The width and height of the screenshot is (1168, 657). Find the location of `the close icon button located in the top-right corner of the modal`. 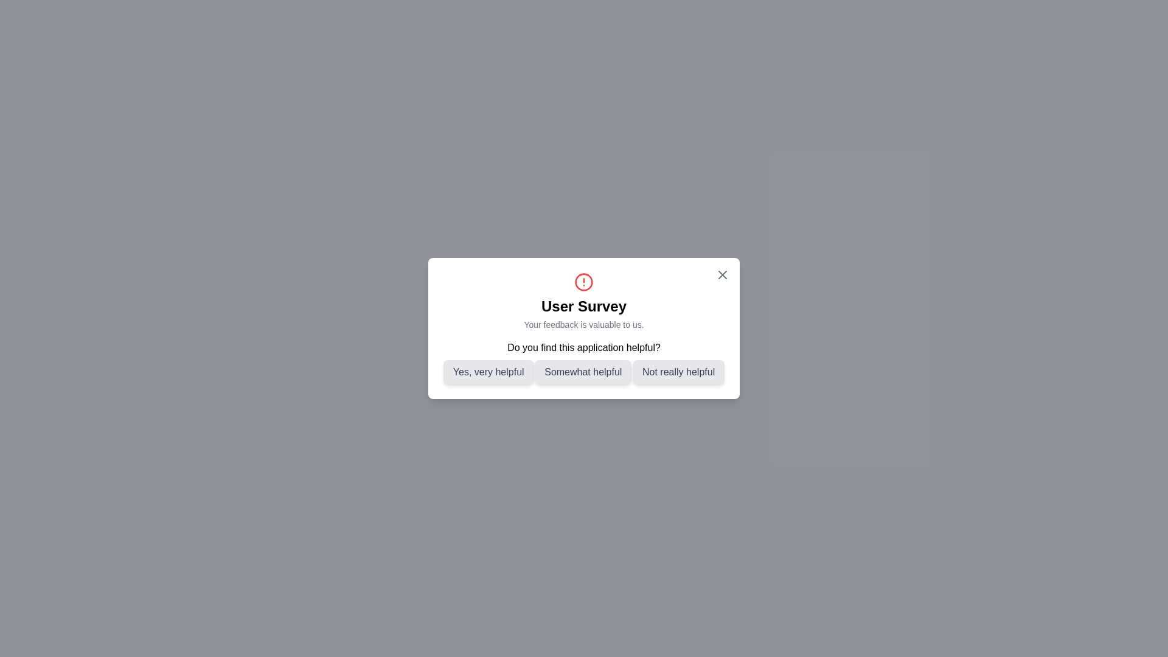

the close icon button located in the top-right corner of the modal is located at coordinates (723, 274).